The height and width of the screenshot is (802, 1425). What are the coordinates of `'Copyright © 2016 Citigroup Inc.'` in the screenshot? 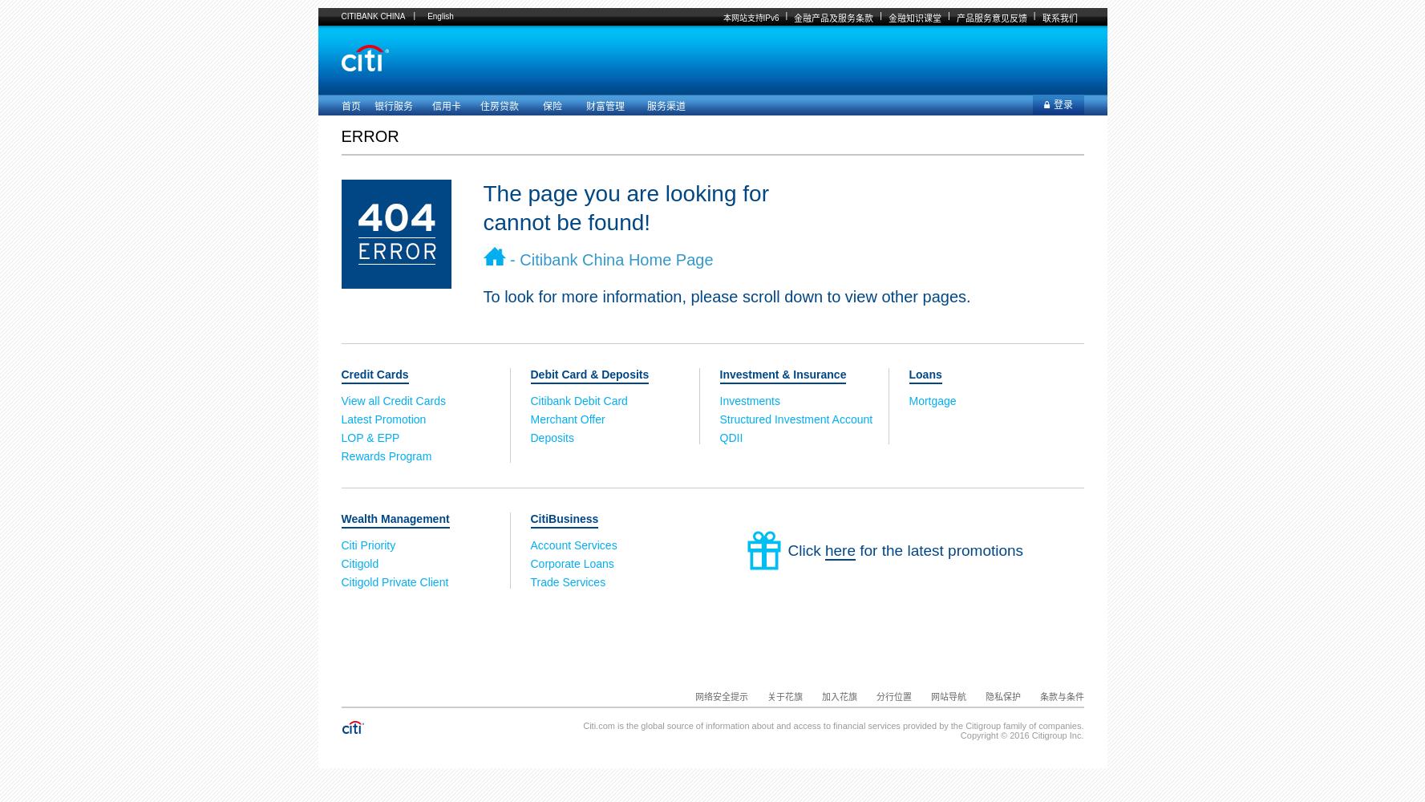 It's located at (959, 735).